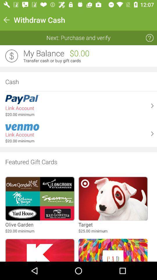 The height and width of the screenshot is (280, 157). What do you see at coordinates (19, 224) in the screenshot?
I see `olive garden icon` at bounding box center [19, 224].